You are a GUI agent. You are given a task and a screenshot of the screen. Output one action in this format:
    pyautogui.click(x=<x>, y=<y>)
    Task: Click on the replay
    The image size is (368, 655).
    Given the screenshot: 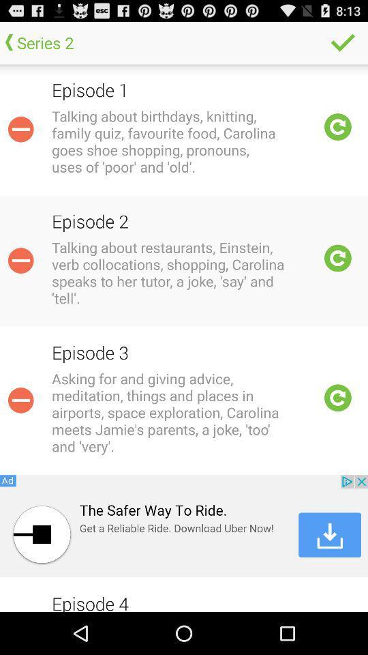 What is the action you would take?
    pyautogui.click(x=337, y=398)
    